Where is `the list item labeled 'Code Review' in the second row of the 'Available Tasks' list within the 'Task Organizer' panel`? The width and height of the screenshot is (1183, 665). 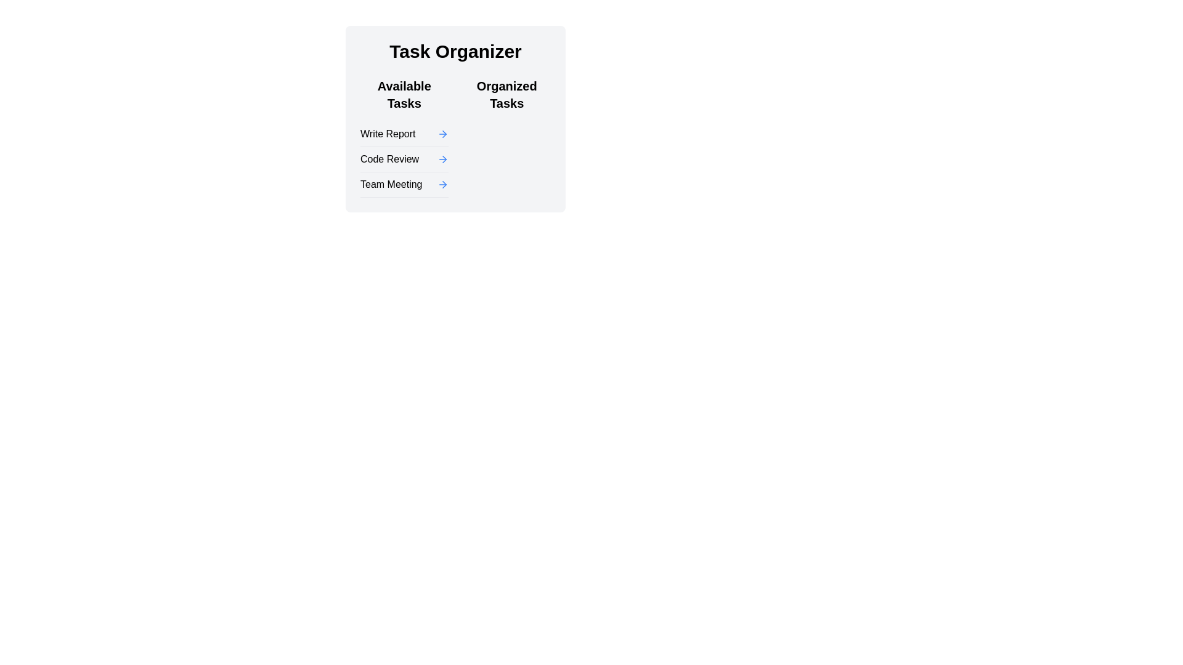
the list item labeled 'Code Review' in the second row of the 'Available Tasks' list within the 'Task Organizer' panel is located at coordinates (404, 159).